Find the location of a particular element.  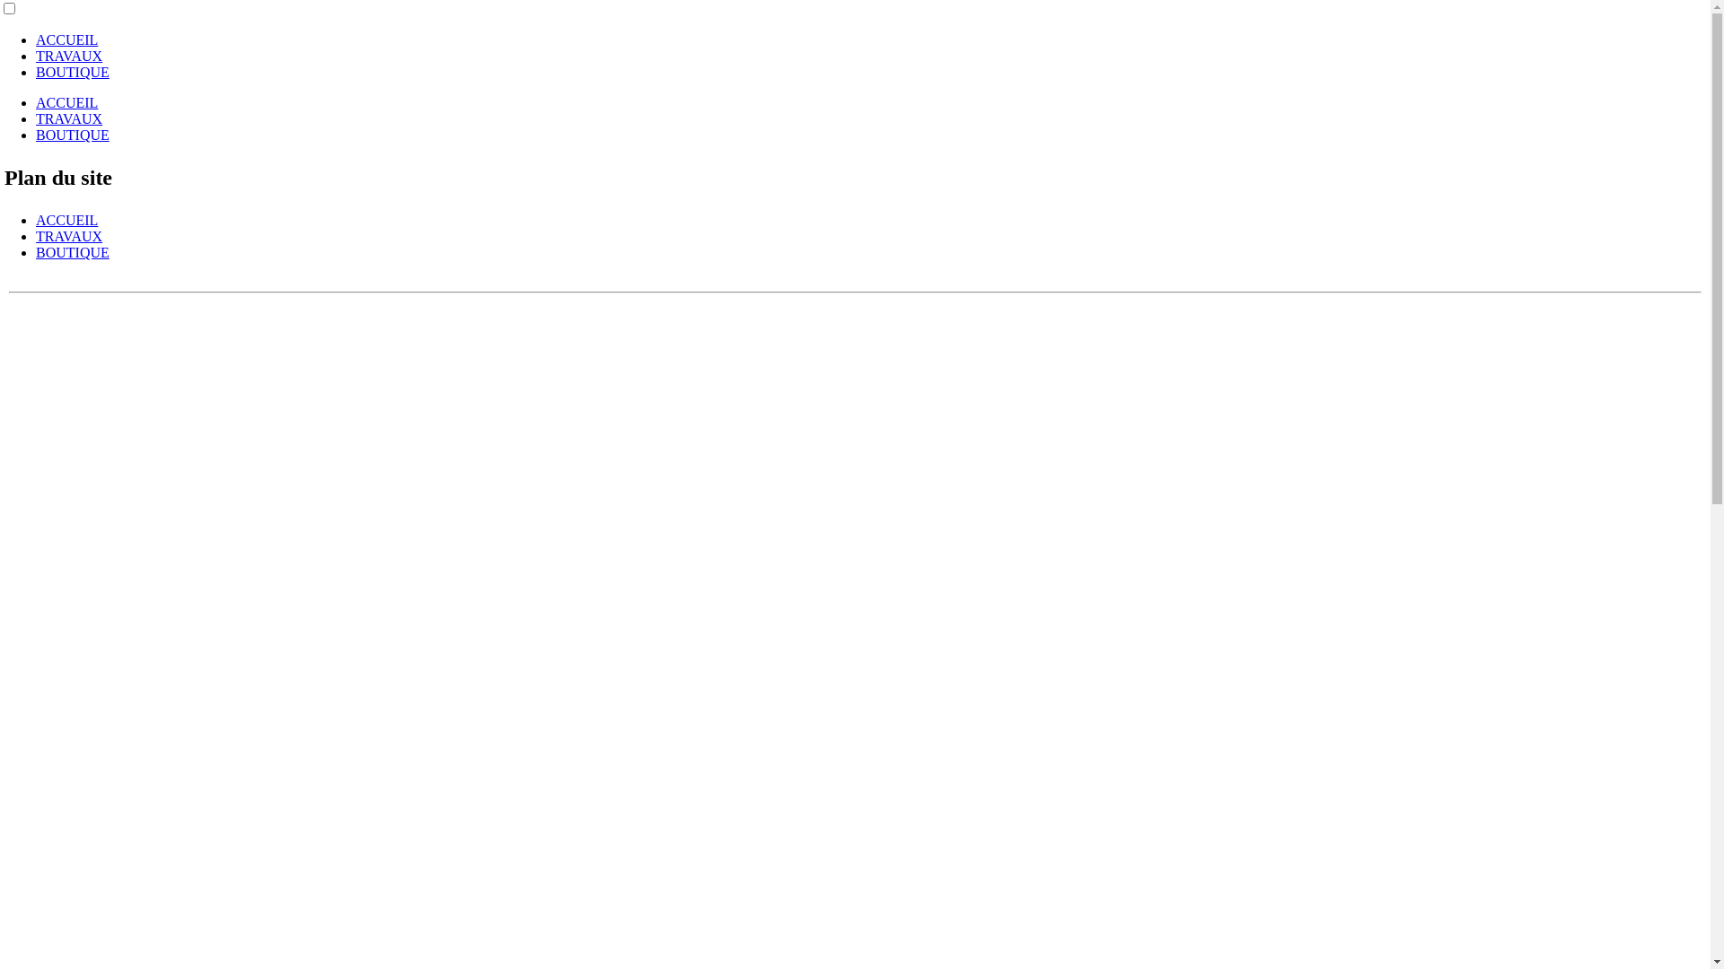

'TRAVAUX' is located at coordinates (35, 118).